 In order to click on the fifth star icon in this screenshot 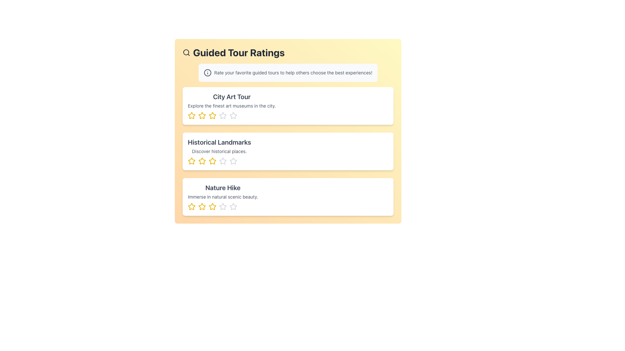, I will do `click(233, 207)`.